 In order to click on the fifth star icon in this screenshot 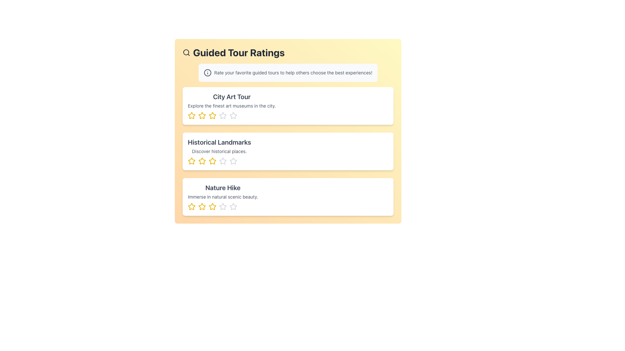, I will do `click(233, 207)`.